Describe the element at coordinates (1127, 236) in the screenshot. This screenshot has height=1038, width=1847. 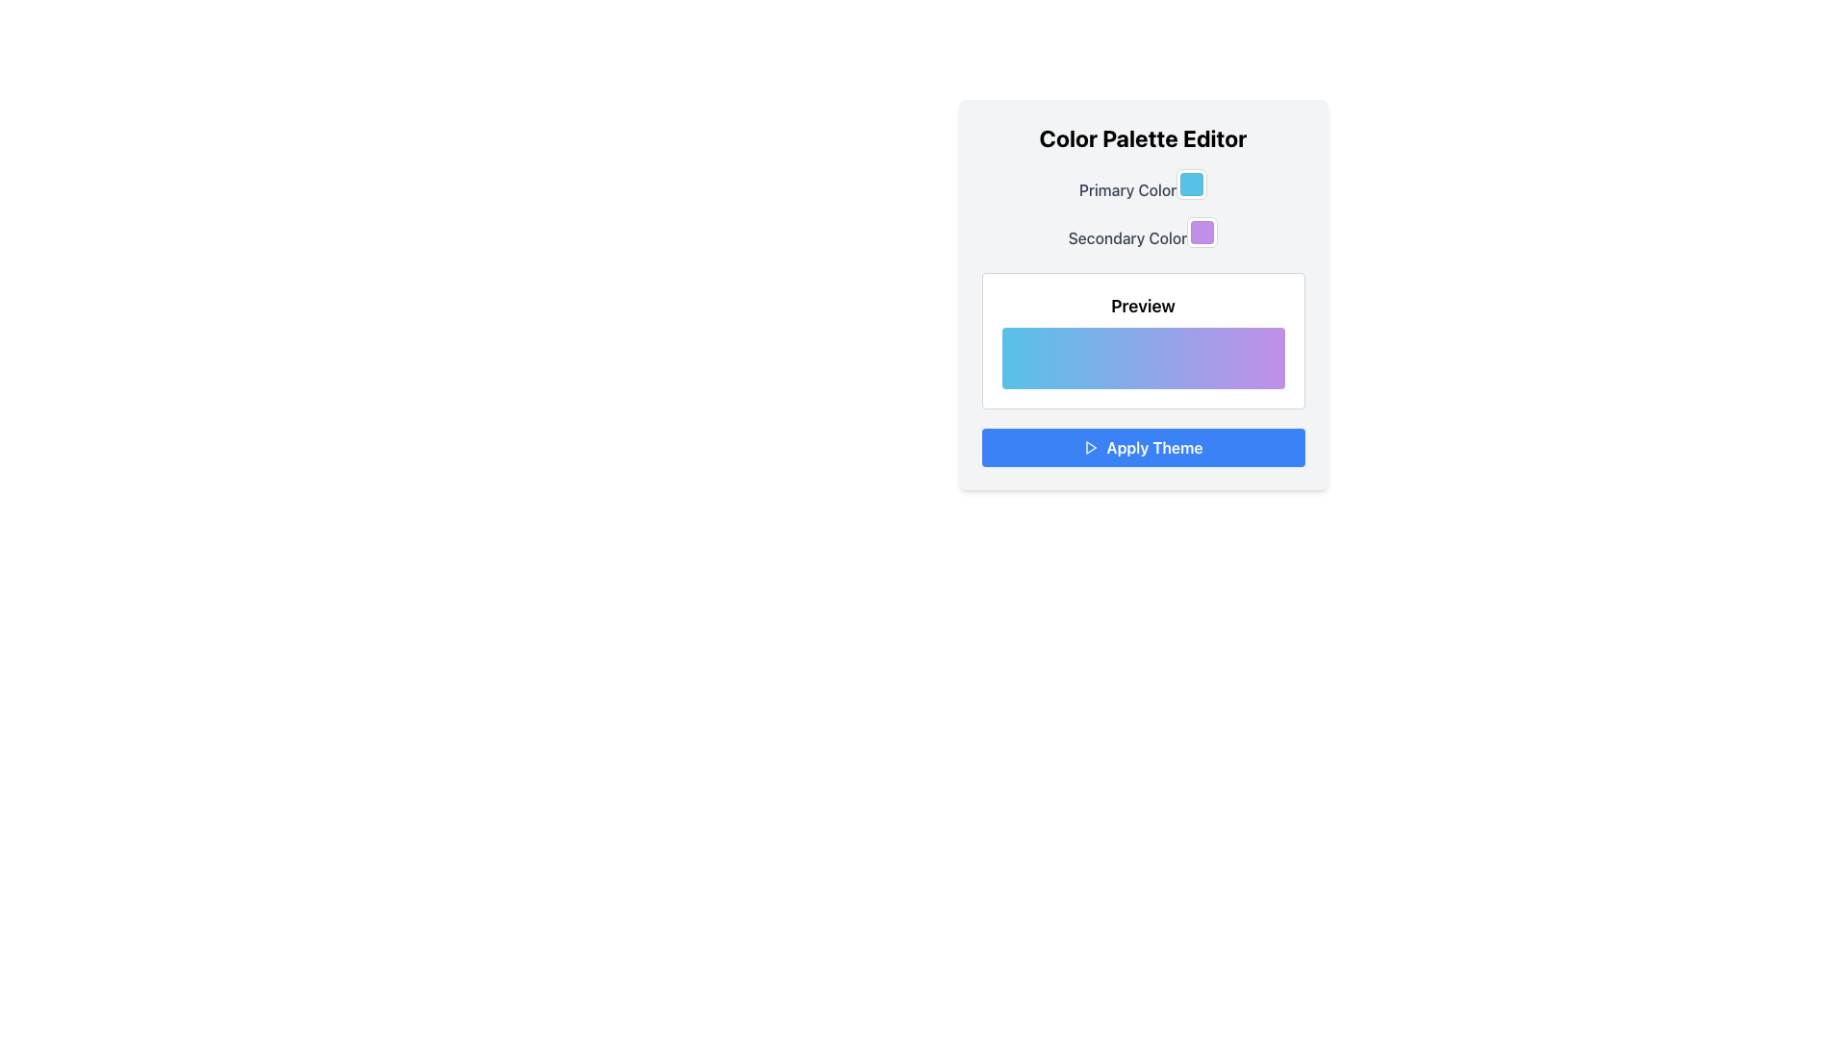
I see `text label displaying 'Secondary Color' located centrally within the 'Color Palette Editor' interface, directly below the 'Primary Color' label` at that location.